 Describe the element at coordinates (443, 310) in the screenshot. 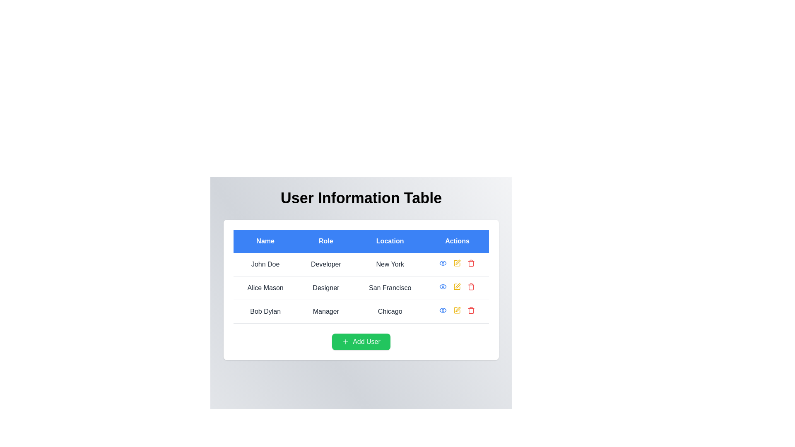

I see `the blue eye icon button located in the last row of the Actions column of the information table to observe the style change effect` at that location.